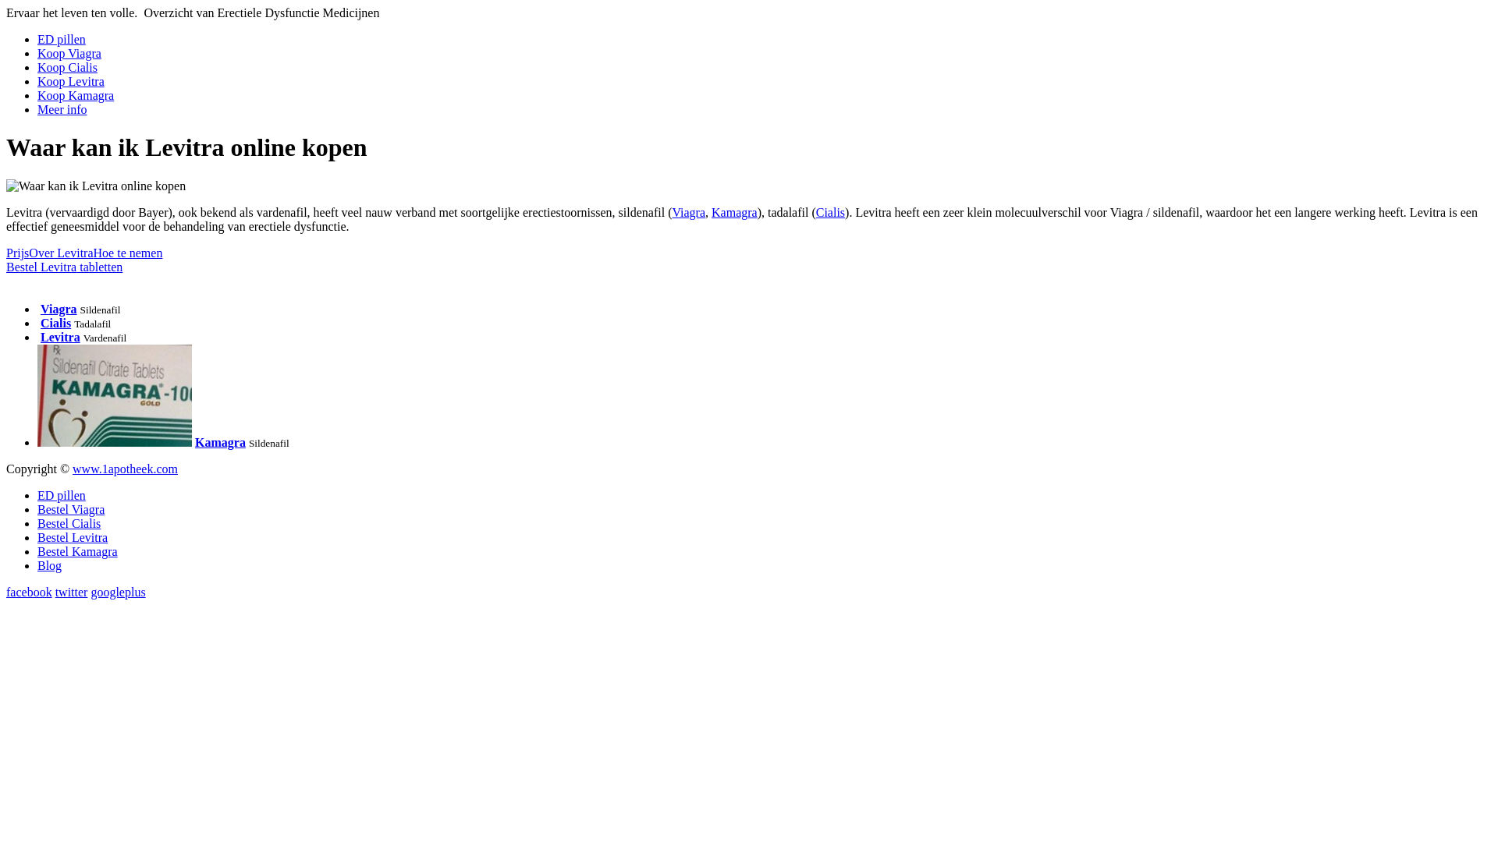 This screenshot has height=842, width=1498. Describe the element at coordinates (49, 565) in the screenshot. I see `'Blog'` at that location.